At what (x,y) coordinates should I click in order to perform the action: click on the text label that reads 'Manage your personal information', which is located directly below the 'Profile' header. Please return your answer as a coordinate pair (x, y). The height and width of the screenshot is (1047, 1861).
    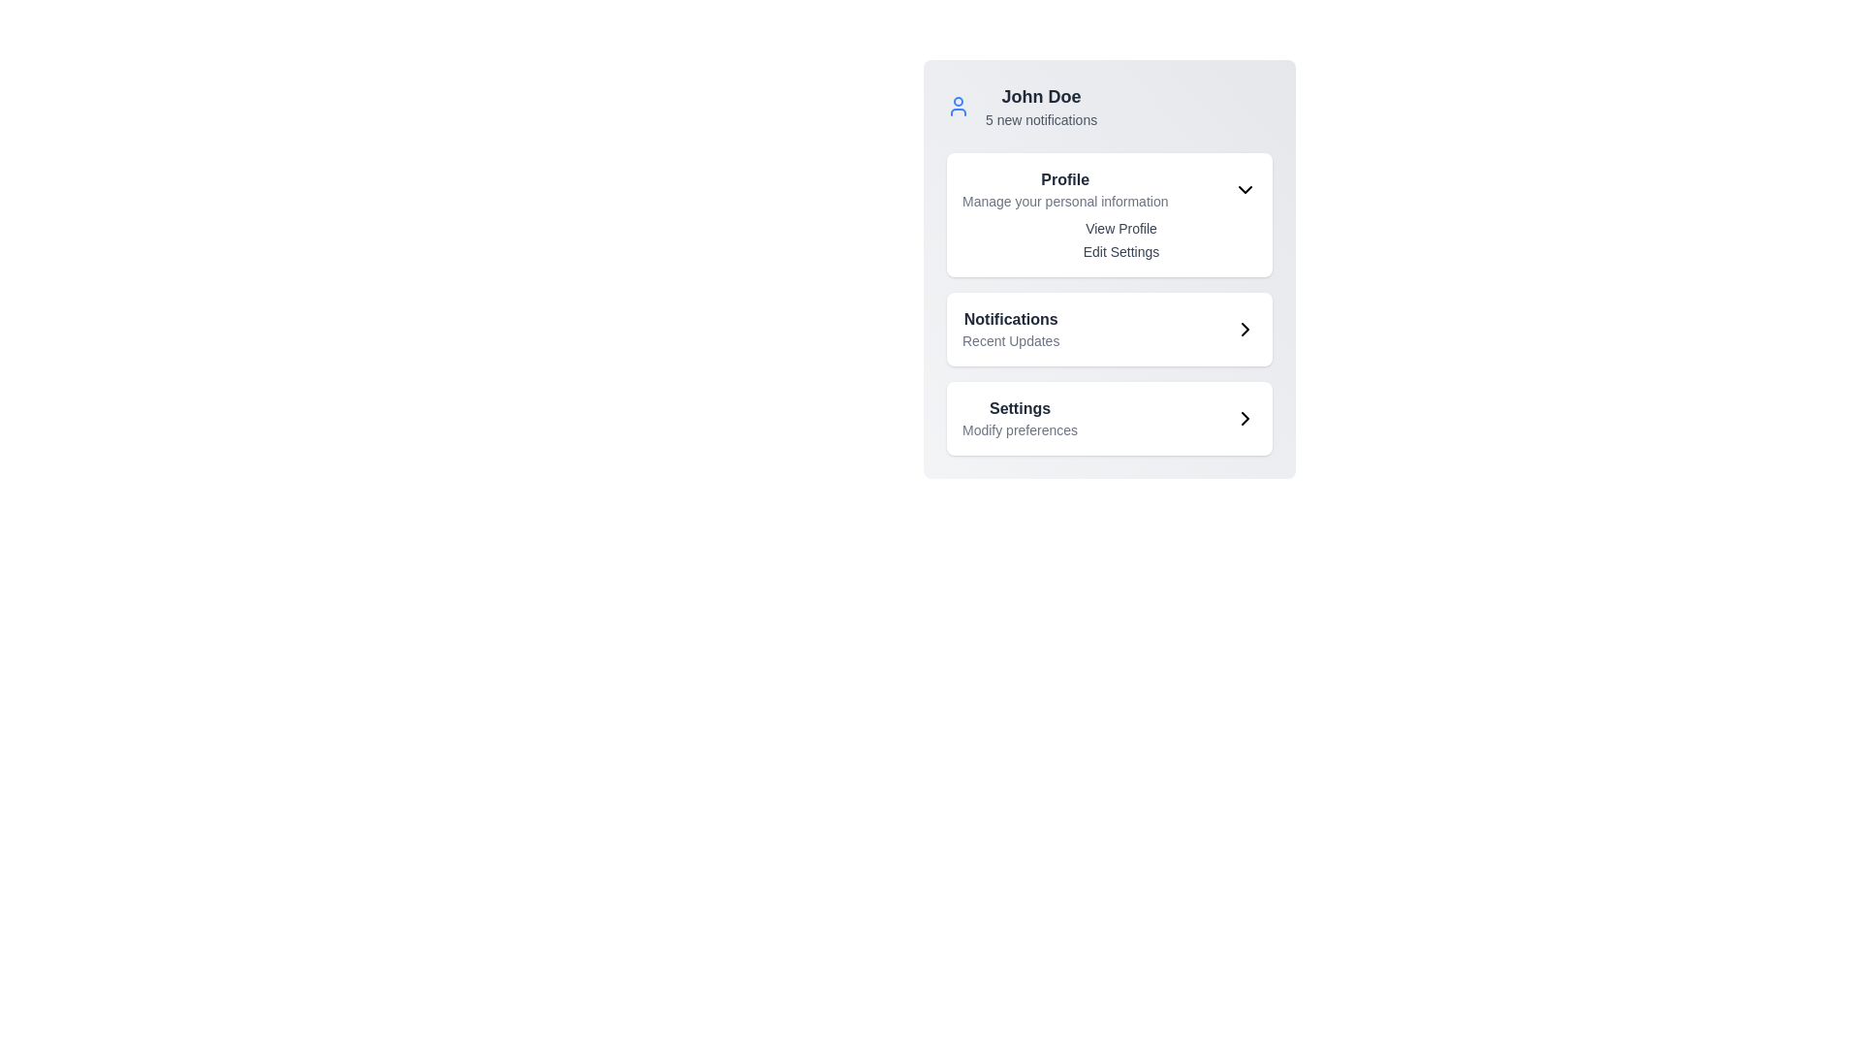
    Looking at the image, I should click on (1064, 202).